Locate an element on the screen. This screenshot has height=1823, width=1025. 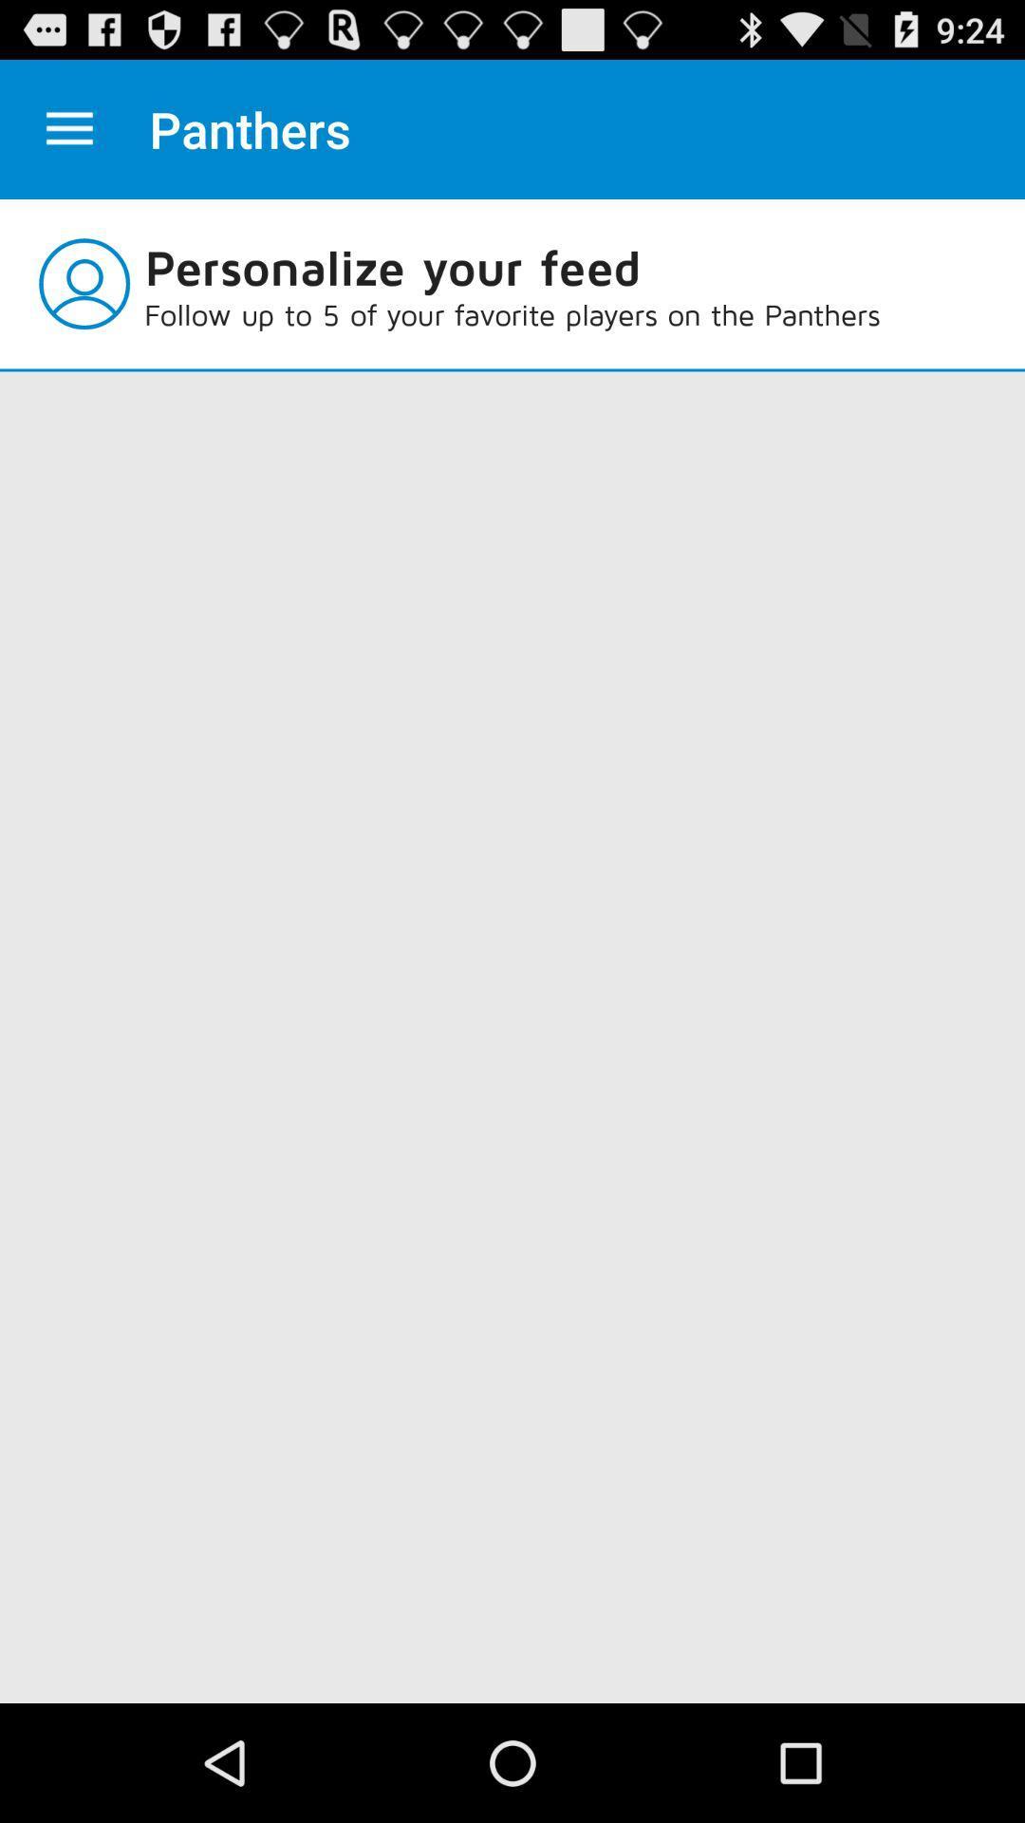
your option is located at coordinates (68, 128).